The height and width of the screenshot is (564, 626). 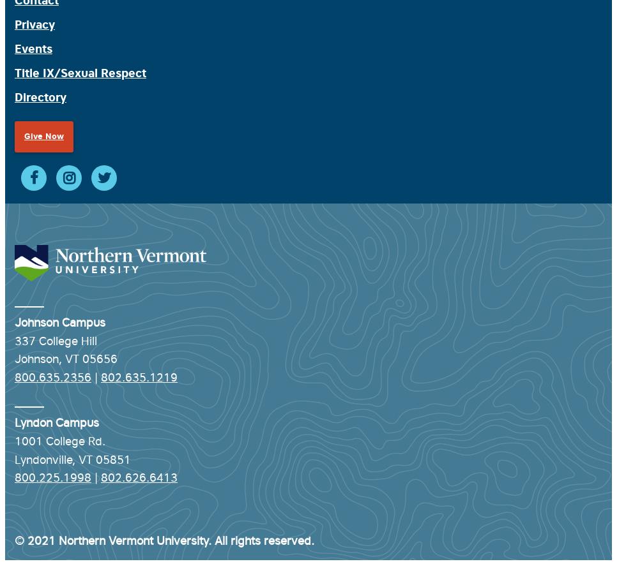 I want to click on 'Lyndon Campus', so click(x=56, y=422).